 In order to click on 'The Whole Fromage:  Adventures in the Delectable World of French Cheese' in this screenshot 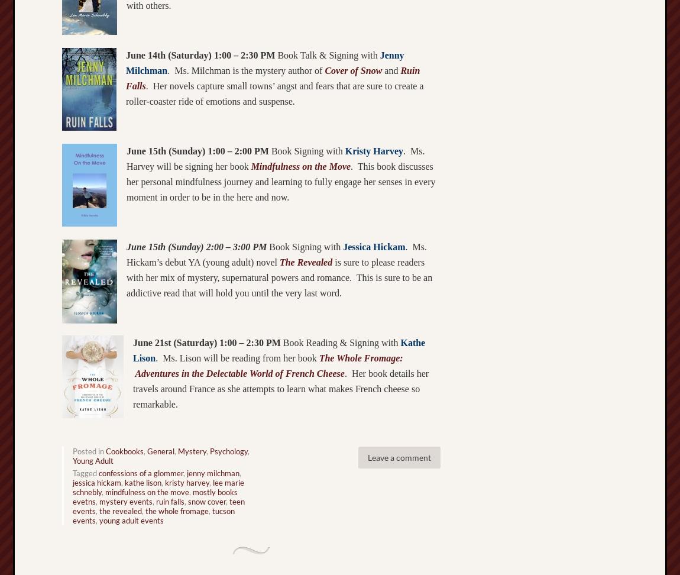, I will do `click(267, 365)`.